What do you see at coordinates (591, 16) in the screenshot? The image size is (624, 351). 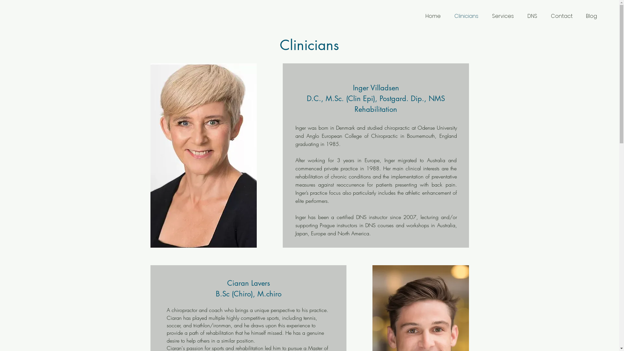 I see `'Blog'` at bounding box center [591, 16].